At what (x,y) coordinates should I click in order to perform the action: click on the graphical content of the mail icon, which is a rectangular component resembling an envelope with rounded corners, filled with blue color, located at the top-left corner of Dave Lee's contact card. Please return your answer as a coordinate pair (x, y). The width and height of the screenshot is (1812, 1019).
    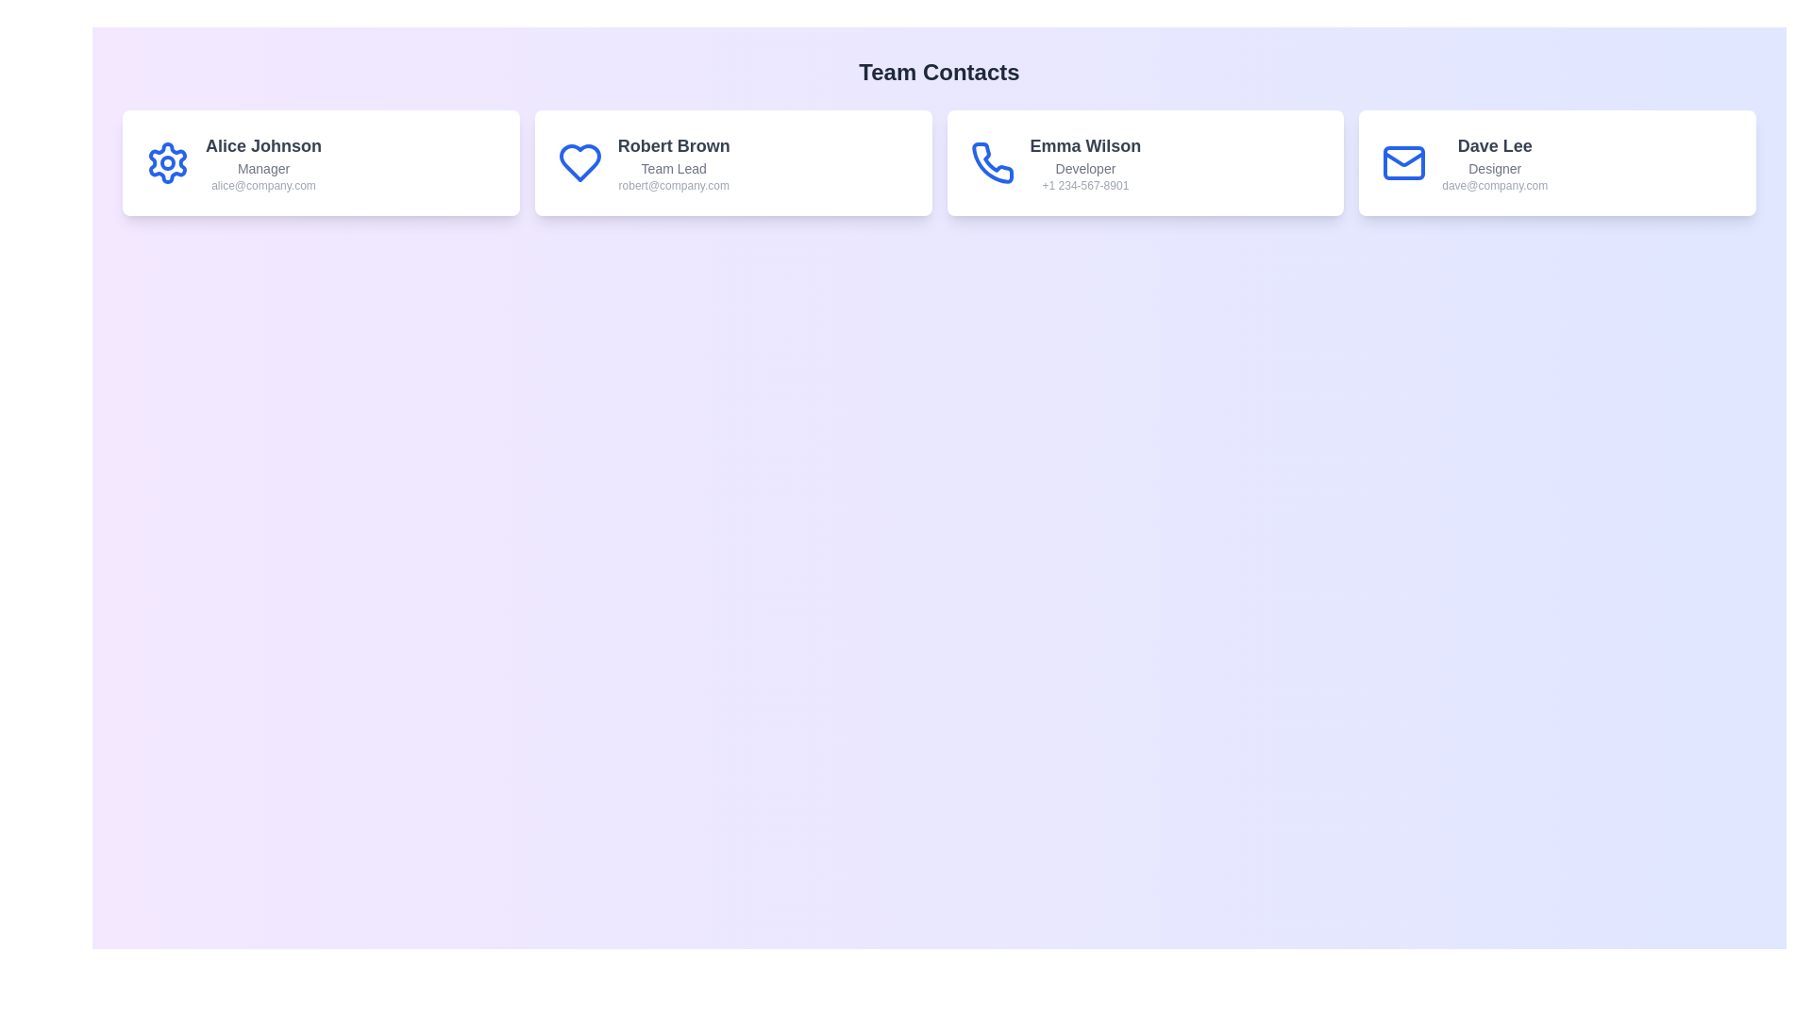
    Looking at the image, I should click on (1404, 162).